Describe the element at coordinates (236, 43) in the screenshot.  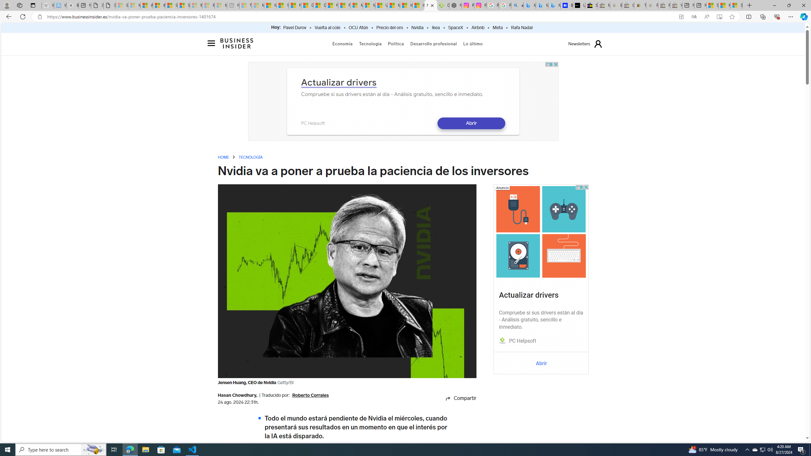
I see `'Logo BusinessInsider.es'` at that location.